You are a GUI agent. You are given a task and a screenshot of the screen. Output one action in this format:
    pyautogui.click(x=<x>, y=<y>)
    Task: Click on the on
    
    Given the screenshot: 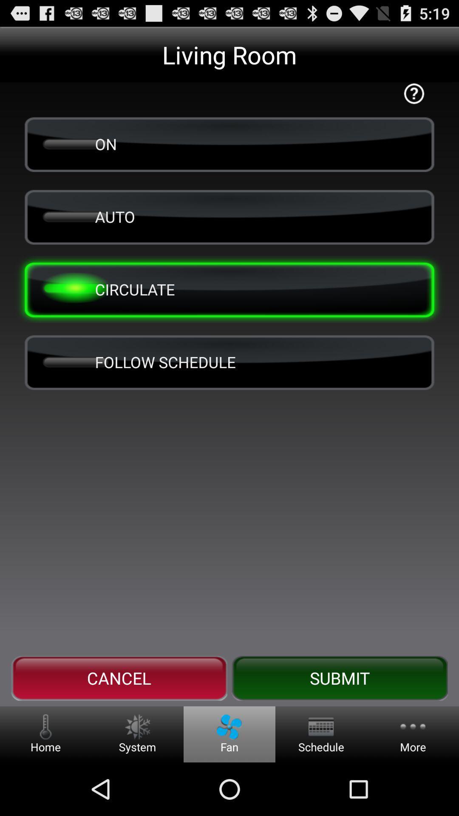 What is the action you would take?
    pyautogui.click(x=229, y=144)
    